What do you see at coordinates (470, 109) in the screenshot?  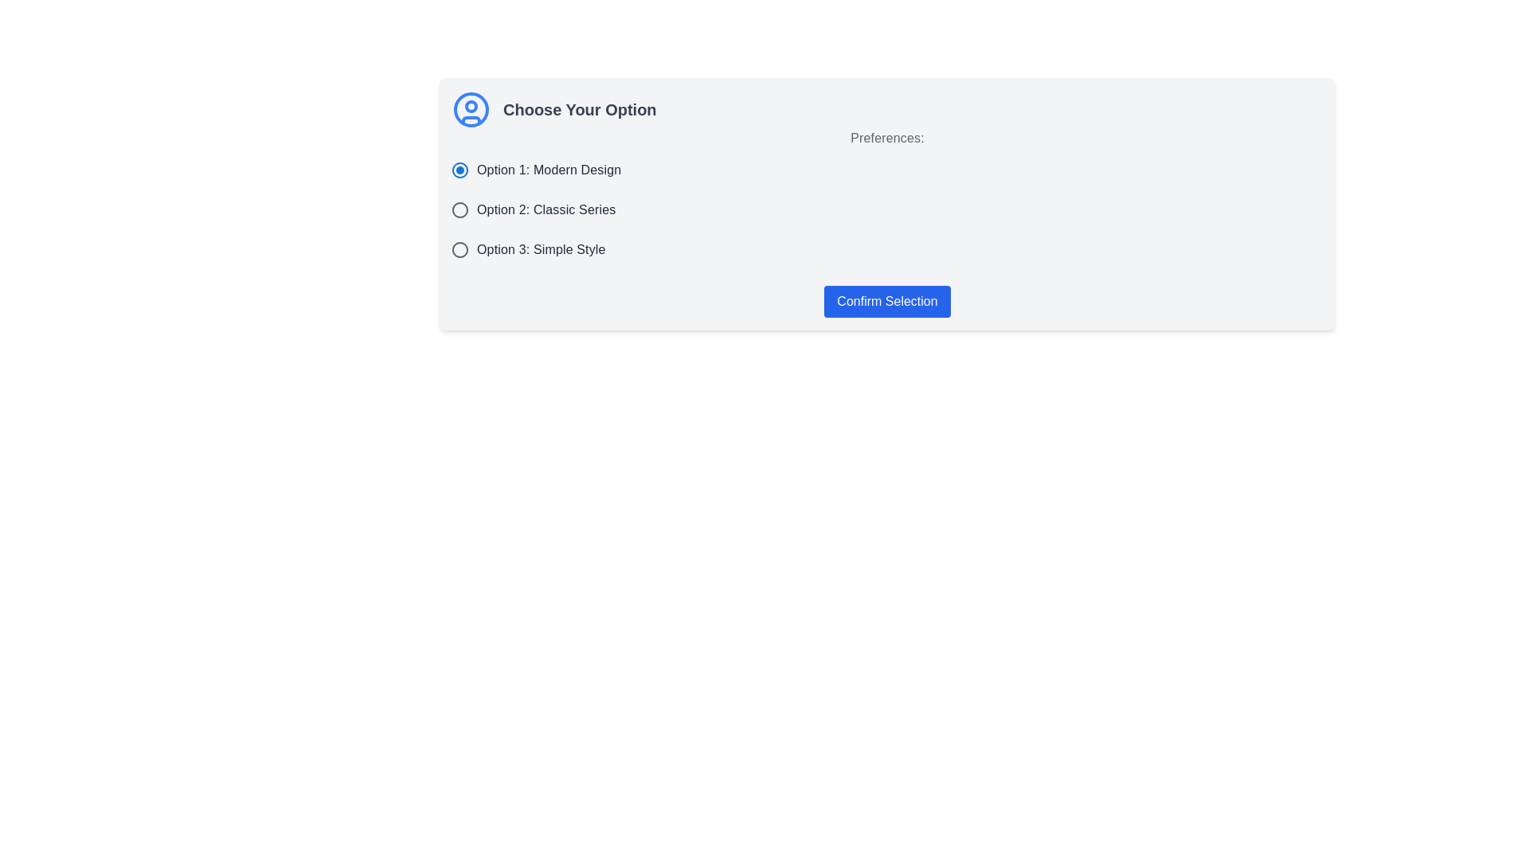 I see `the user avatar icon, which is a blue circular graphic located to the left of the text 'Choose Your Option'` at bounding box center [470, 109].